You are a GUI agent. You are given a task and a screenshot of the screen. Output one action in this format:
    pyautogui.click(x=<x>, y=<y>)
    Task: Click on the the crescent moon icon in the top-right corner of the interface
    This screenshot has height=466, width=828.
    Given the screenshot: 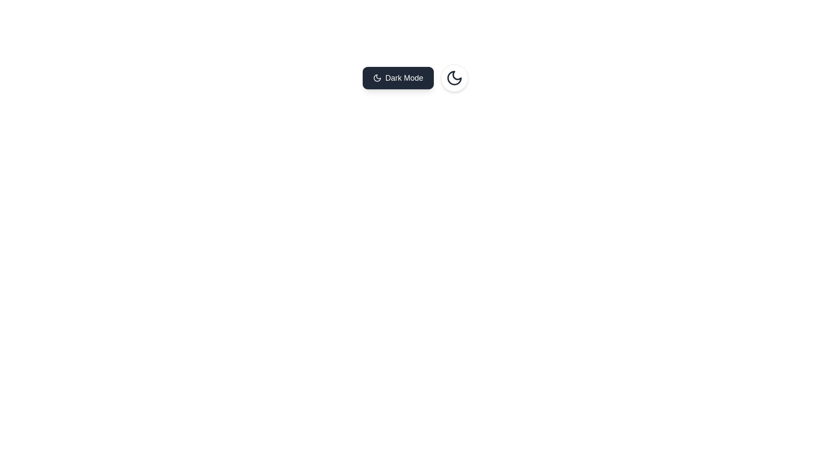 What is the action you would take?
    pyautogui.click(x=454, y=78)
    